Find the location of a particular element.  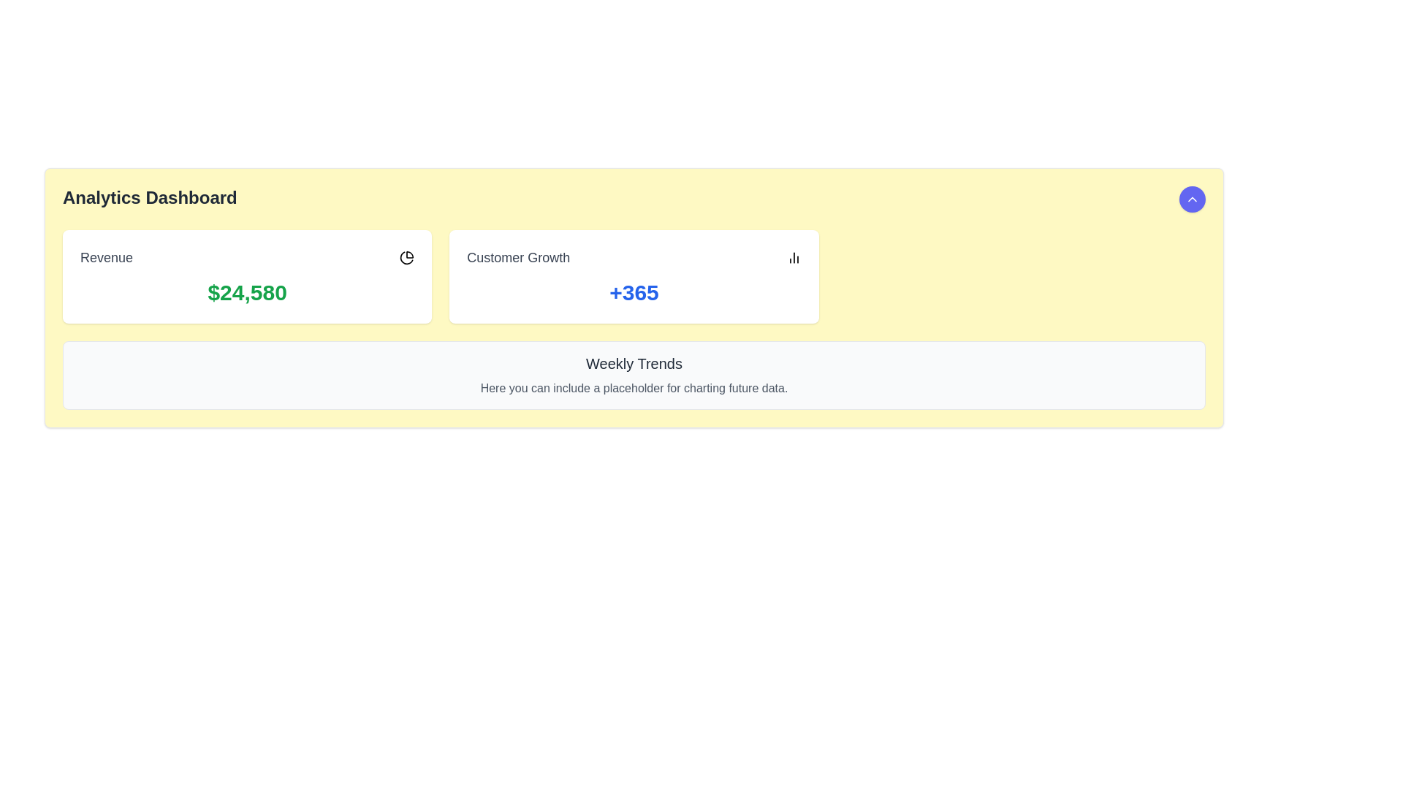

the text label element displaying 'Customer Growth' which is styled with a light gray font and positioned in the top section of a yellow box, aligned to the left within its group is located at coordinates (518, 257).